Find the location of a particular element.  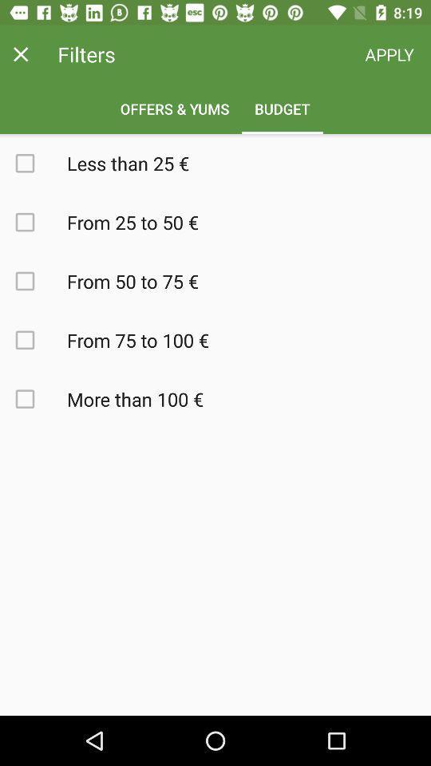

choose between 25 and 50 euros is located at coordinates (34, 221).